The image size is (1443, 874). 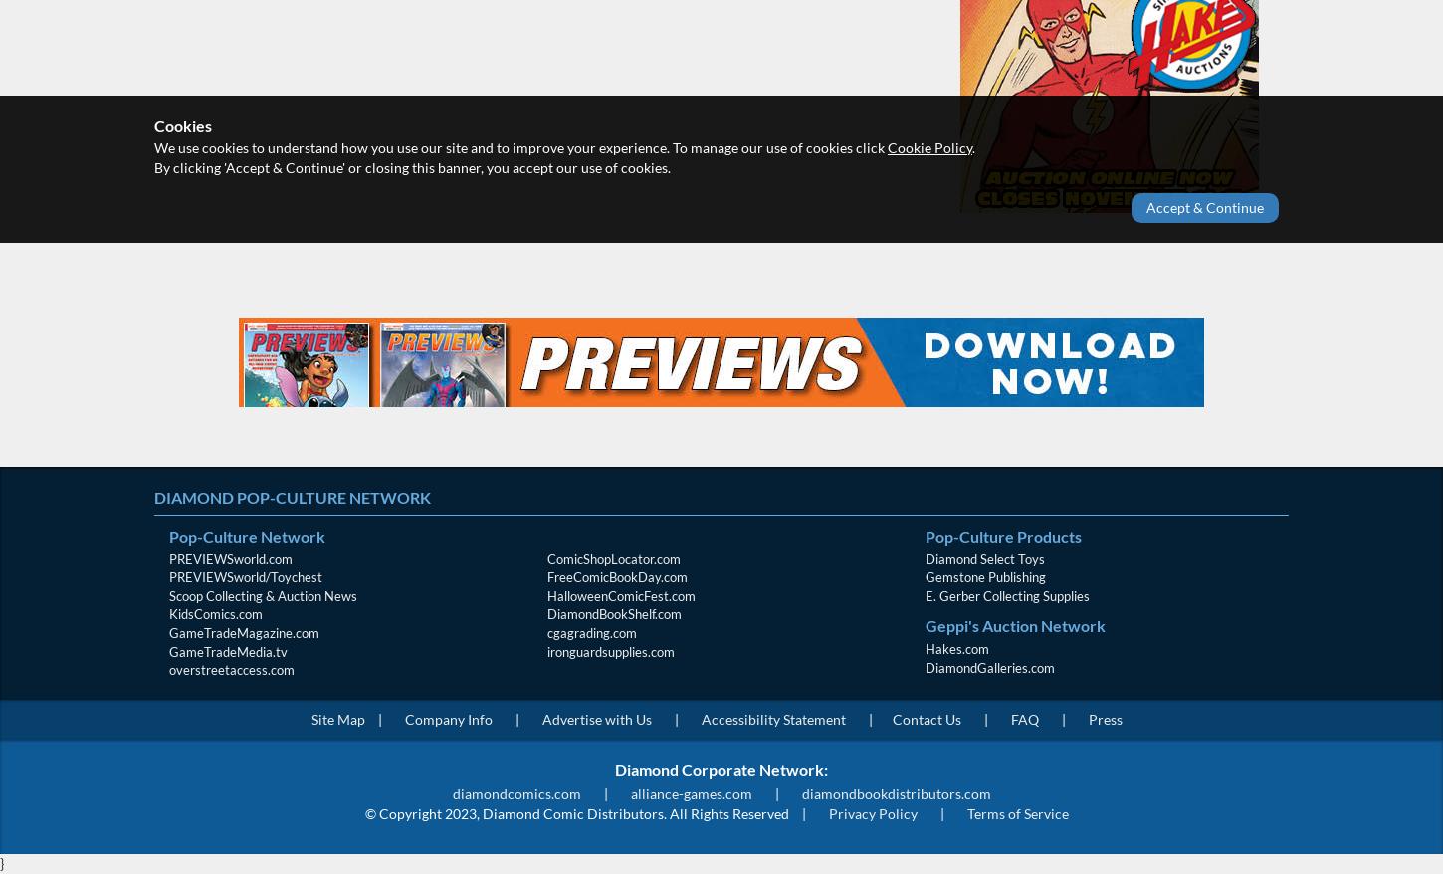 What do you see at coordinates (925, 717) in the screenshot?
I see `'Contact Us'` at bounding box center [925, 717].